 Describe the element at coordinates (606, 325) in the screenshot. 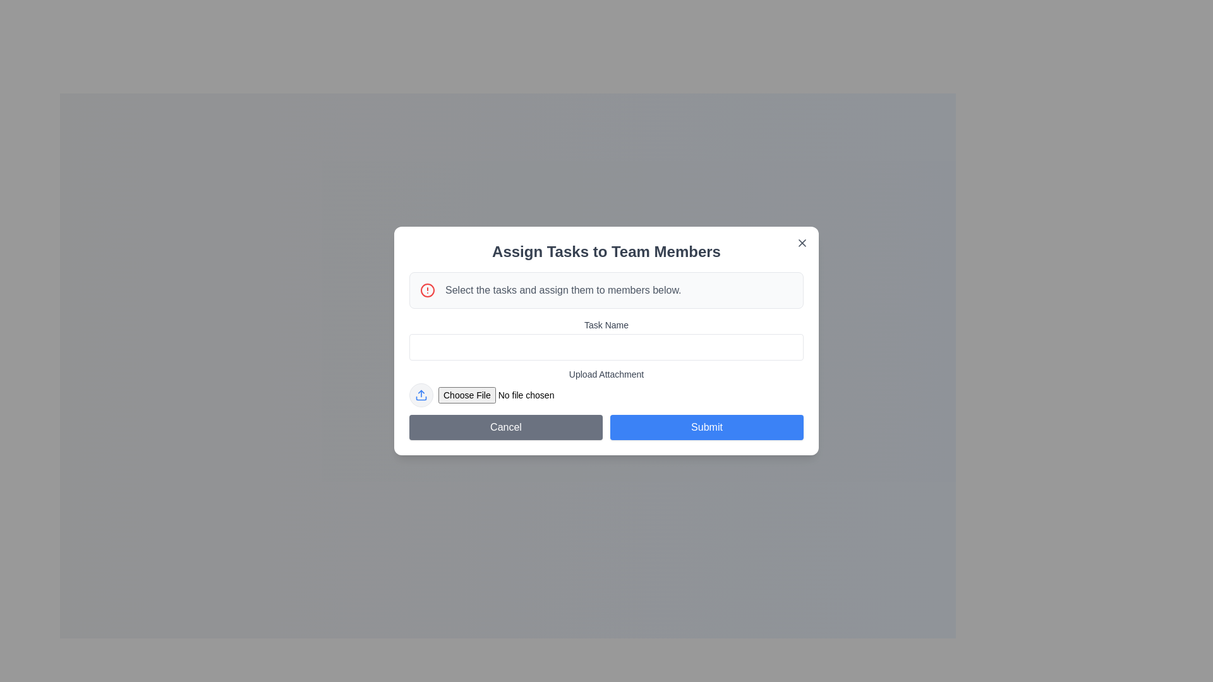

I see `the 'Task Name' text label, which is displayed in a smaller gray font above the input field in the modal dialog box` at that location.